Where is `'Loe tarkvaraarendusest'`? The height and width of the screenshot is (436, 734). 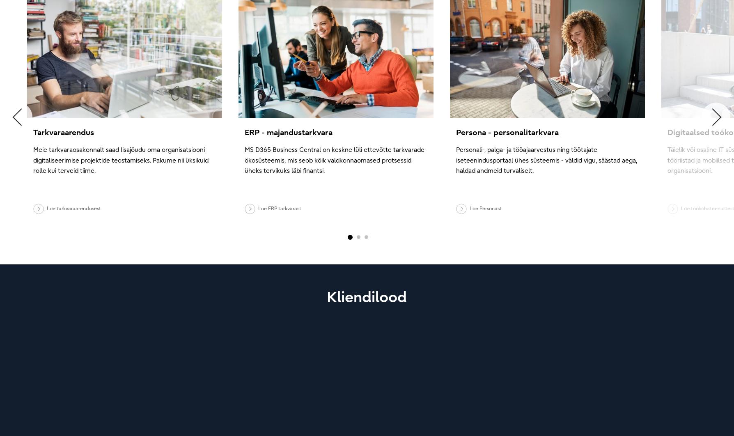
'Loe tarkvaraarendusest' is located at coordinates (74, 207).